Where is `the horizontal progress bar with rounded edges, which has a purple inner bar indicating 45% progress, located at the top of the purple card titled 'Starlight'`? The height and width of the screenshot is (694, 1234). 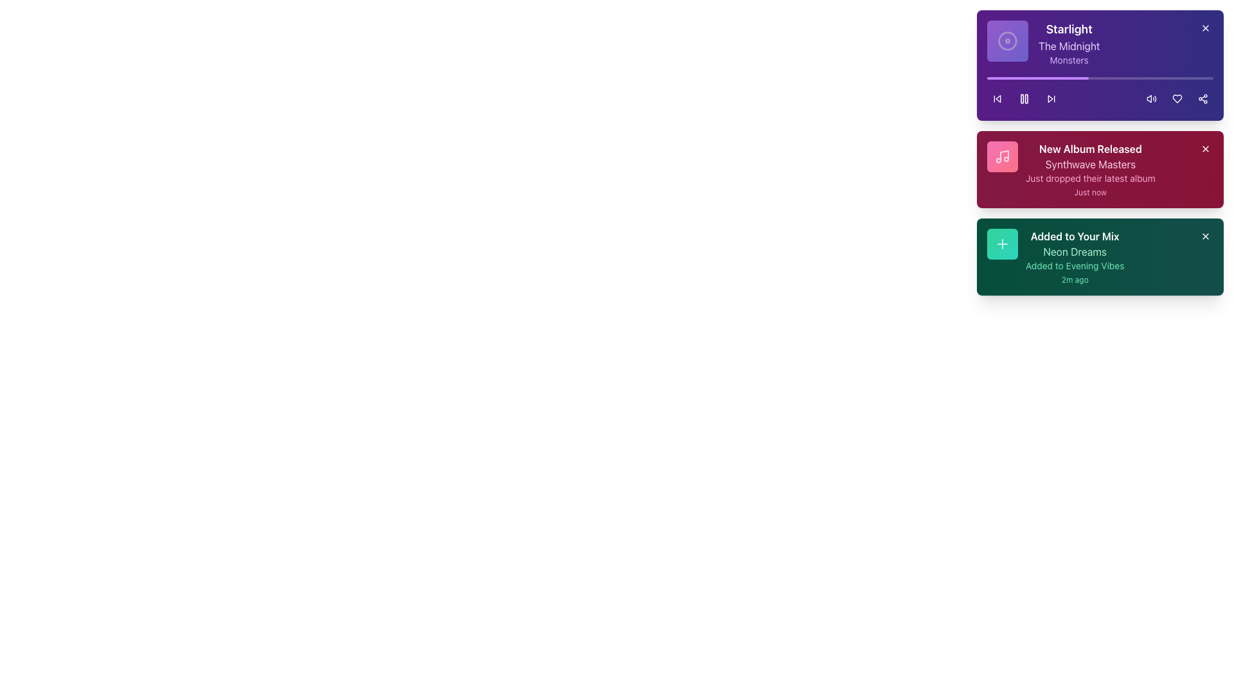 the horizontal progress bar with rounded edges, which has a purple inner bar indicating 45% progress, located at the top of the purple card titled 'Starlight' is located at coordinates (1100, 78).